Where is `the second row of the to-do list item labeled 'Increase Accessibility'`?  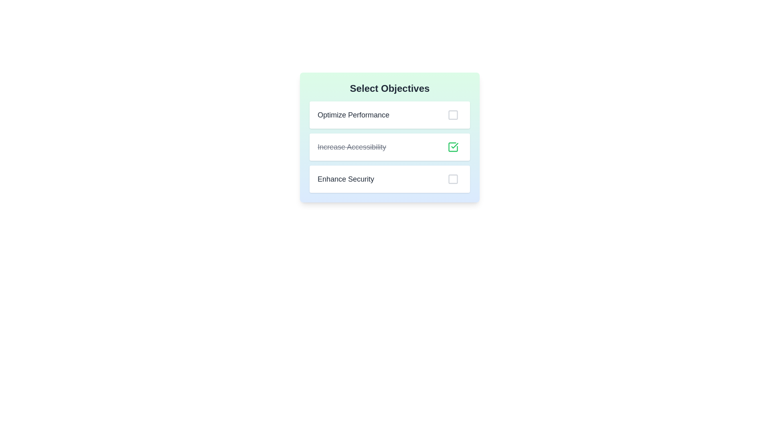 the second row of the to-do list item labeled 'Increase Accessibility' is located at coordinates (389, 147).